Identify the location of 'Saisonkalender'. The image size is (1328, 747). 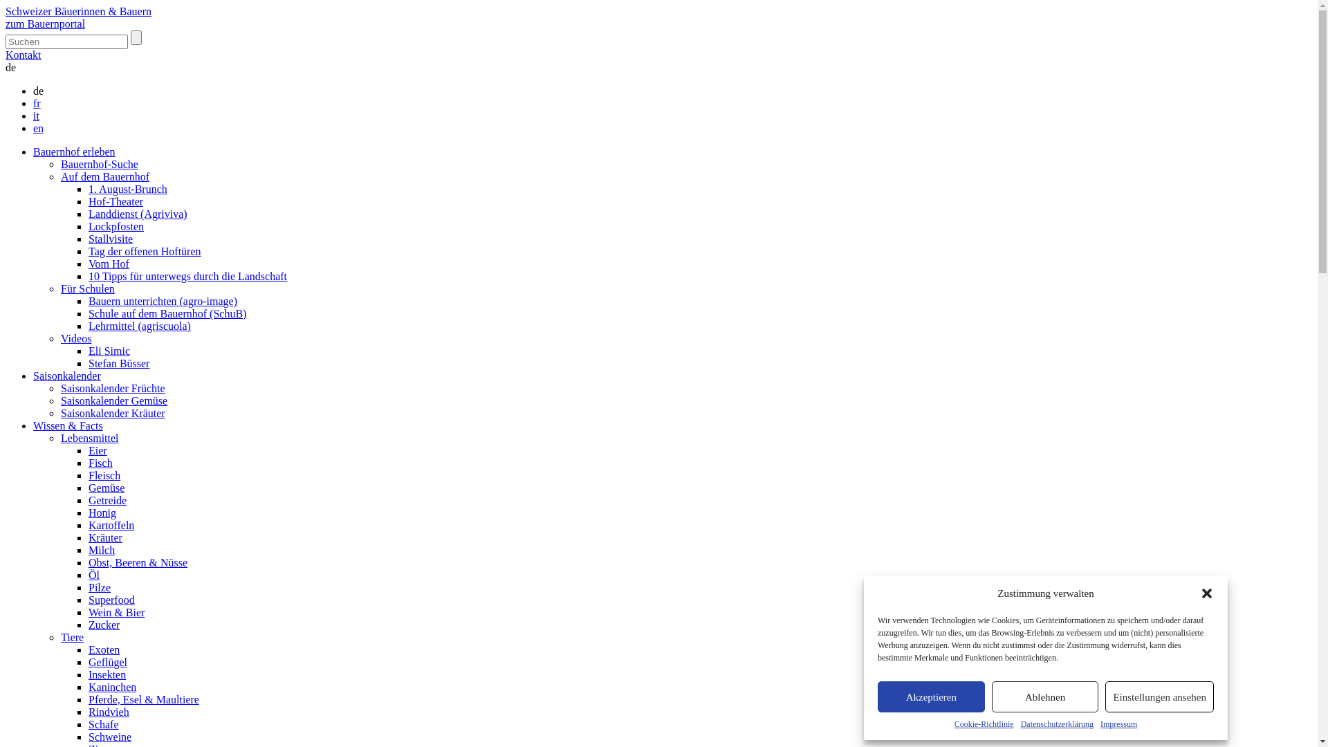
(66, 376).